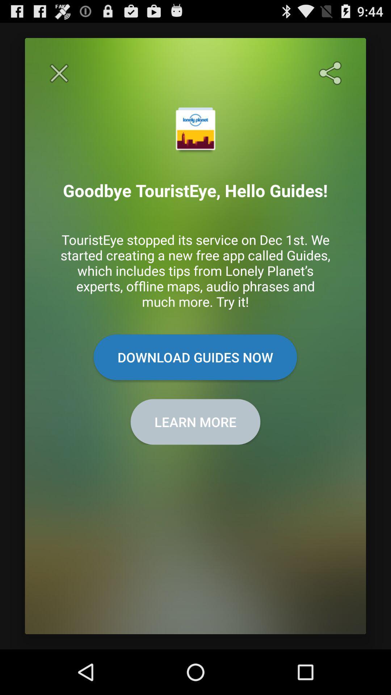 The width and height of the screenshot is (391, 695). I want to click on the icon at the top right corner, so click(332, 73).